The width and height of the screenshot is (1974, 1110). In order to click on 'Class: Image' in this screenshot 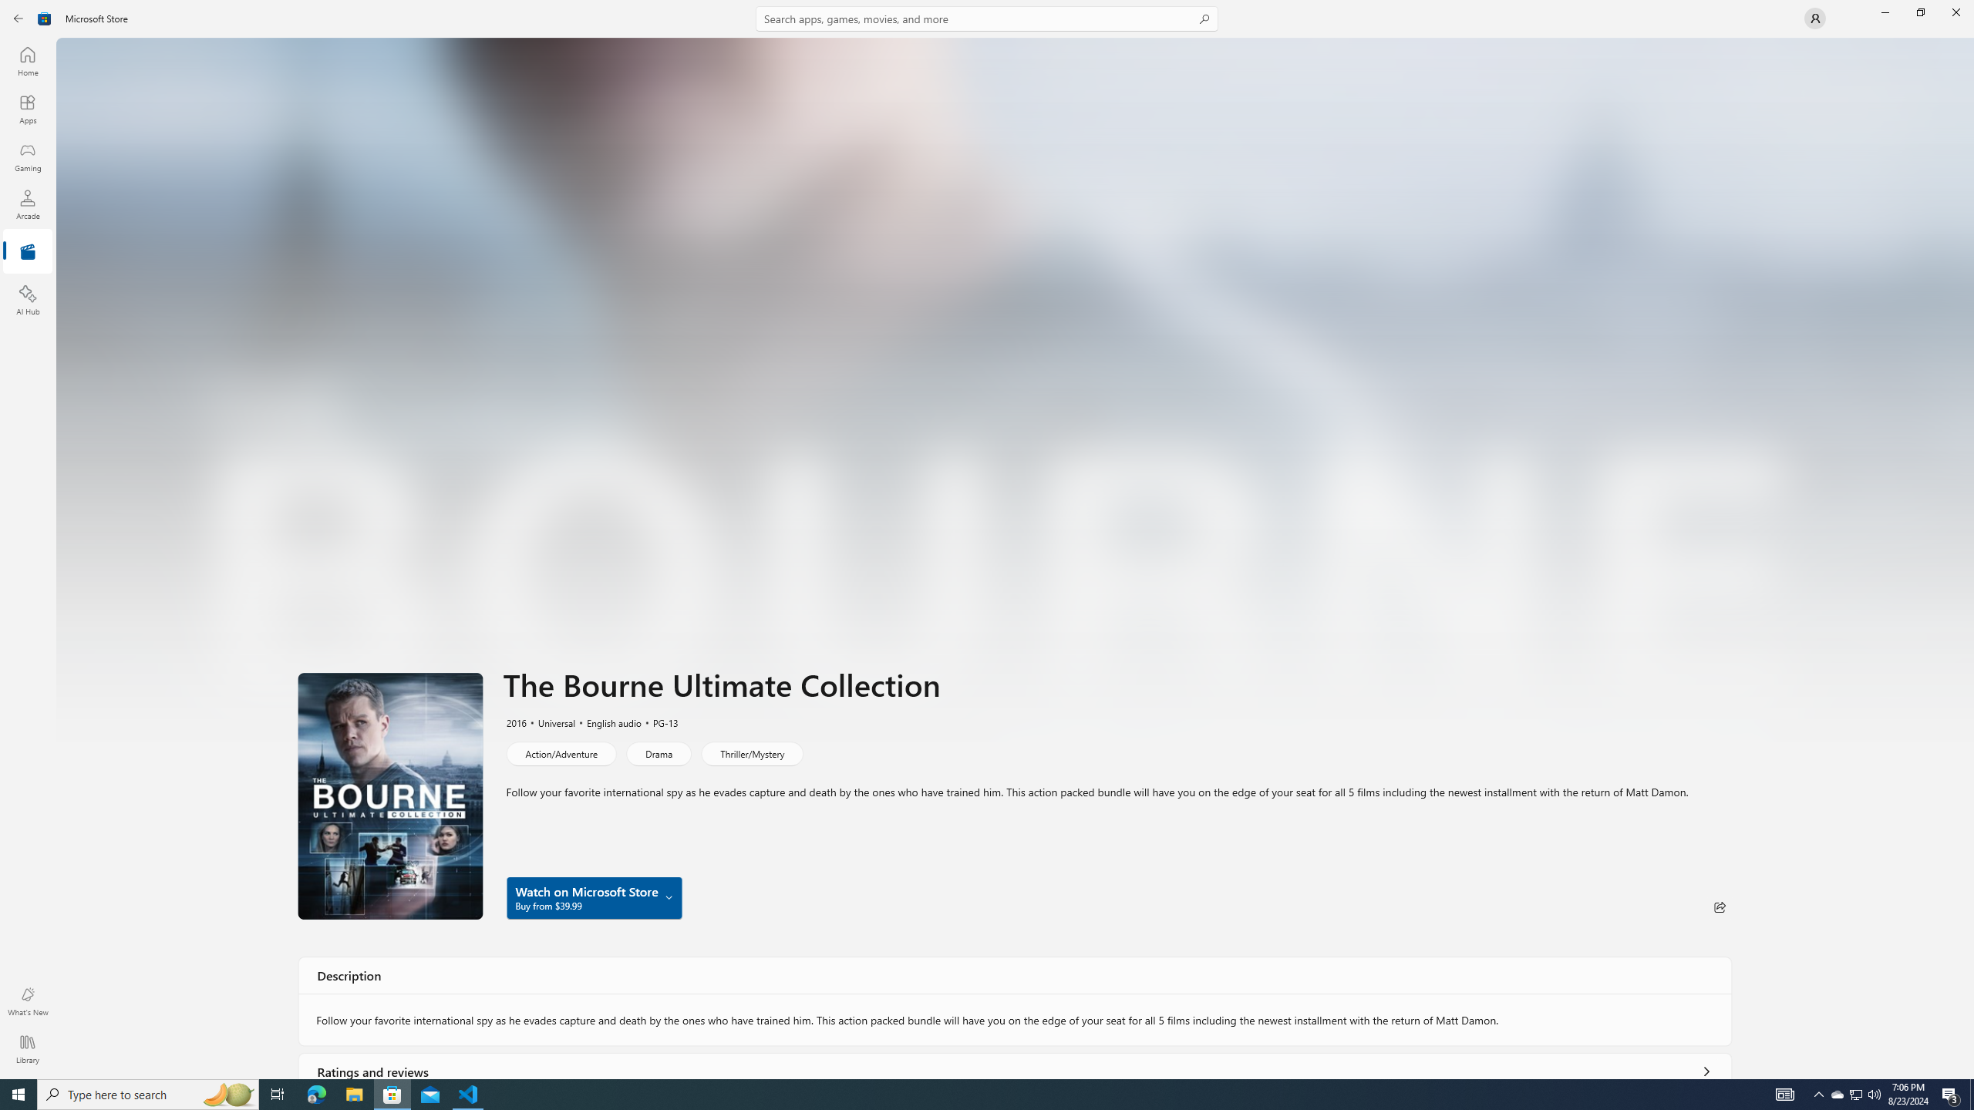, I will do `click(44, 17)`.